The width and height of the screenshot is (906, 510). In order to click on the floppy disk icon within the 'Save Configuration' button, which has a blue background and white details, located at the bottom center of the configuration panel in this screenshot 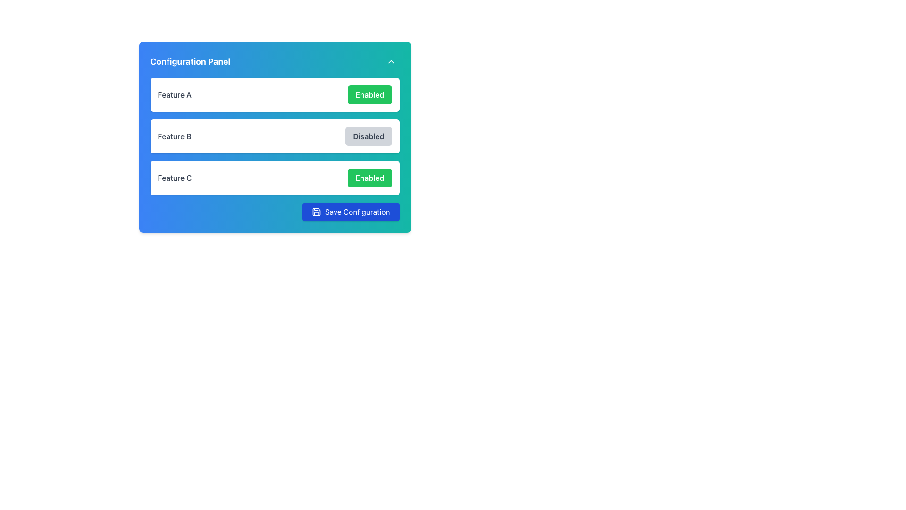, I will do `click(316, 211)`.